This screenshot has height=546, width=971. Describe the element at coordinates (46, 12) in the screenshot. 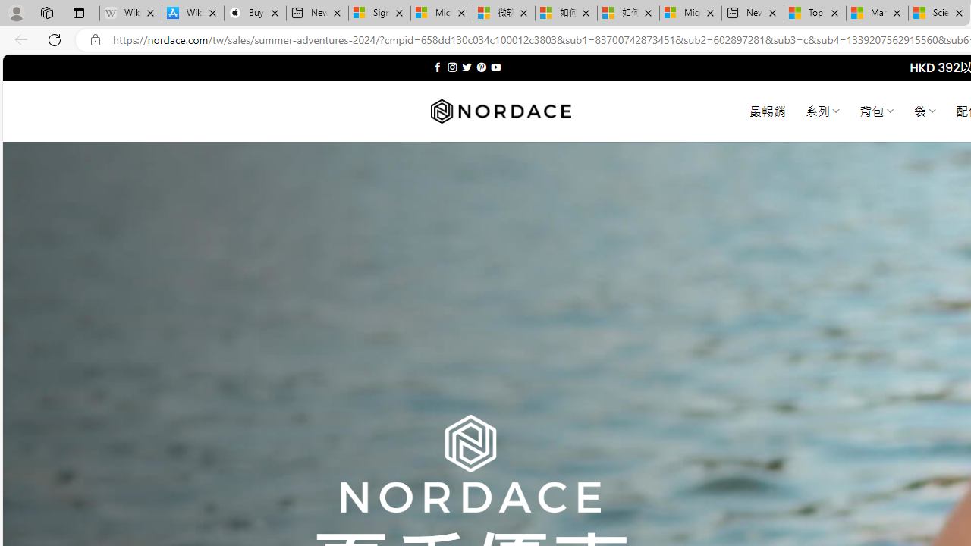

I see `'Workspaces'` at that location.